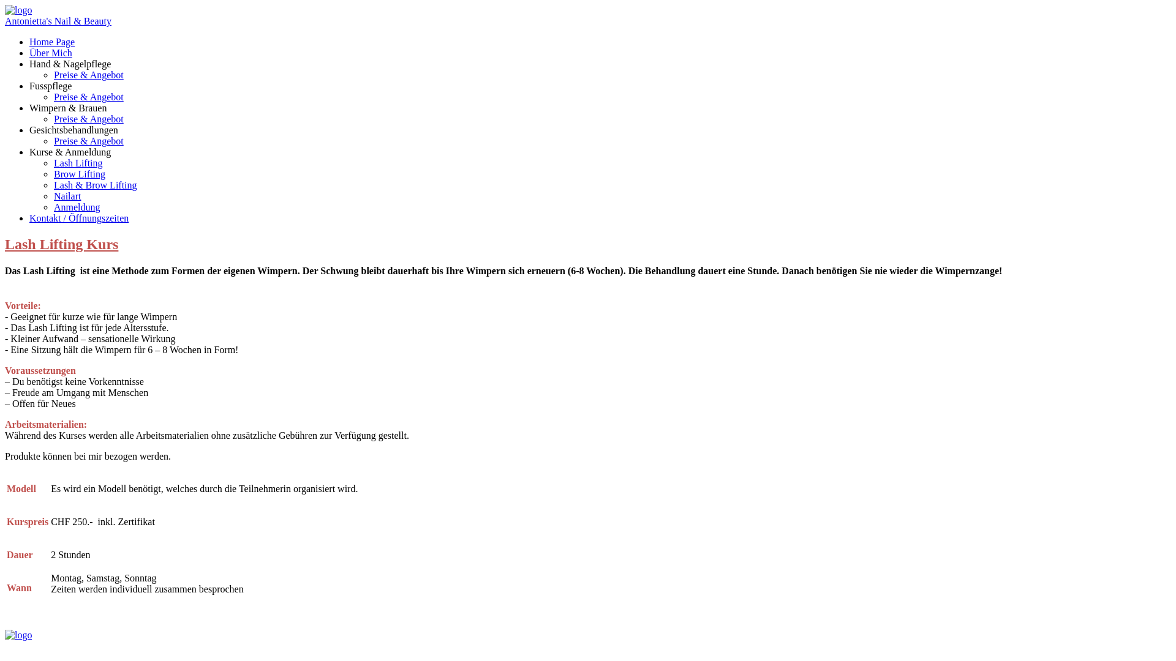 The width and height of the screenshot is (1176, 661). What do you see at coordinates (95, 185) in the screenshot?
I see `'Lash & Brow Lifting'` at bounding box center [95, 185].